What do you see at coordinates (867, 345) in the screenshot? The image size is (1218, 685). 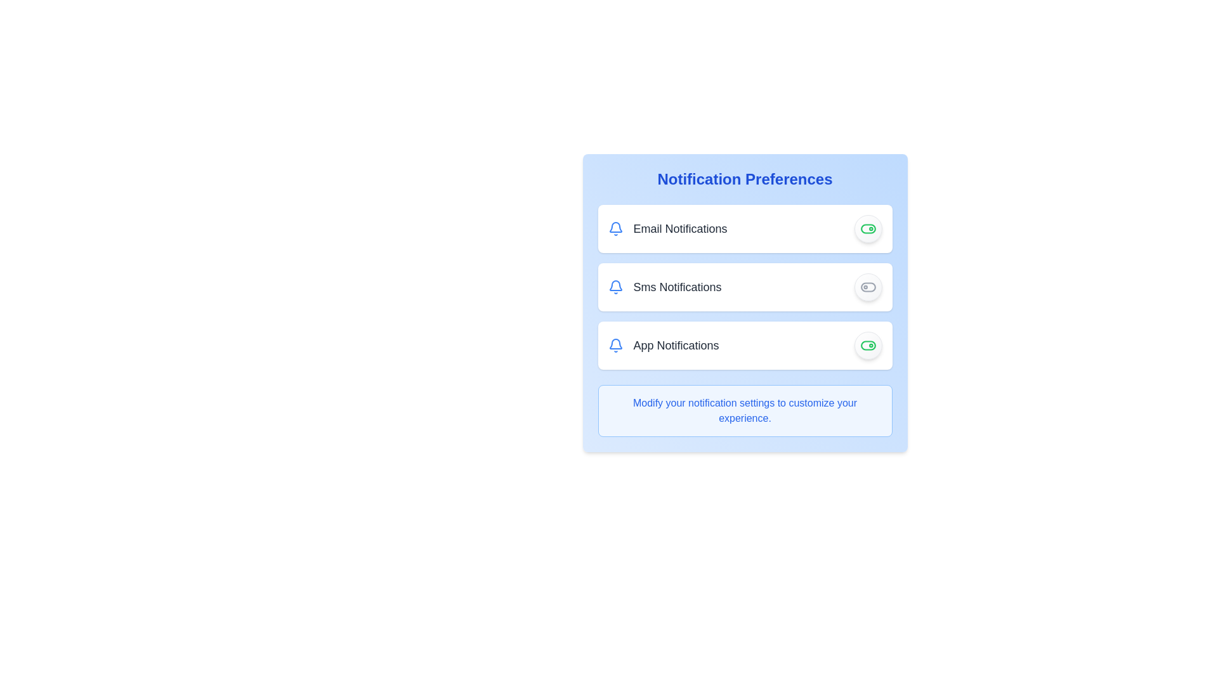 I see `the active toggle switch with a rounded white background and green gradient located to the right of the 'App Notifications' label` at bounding box center [867, 345].